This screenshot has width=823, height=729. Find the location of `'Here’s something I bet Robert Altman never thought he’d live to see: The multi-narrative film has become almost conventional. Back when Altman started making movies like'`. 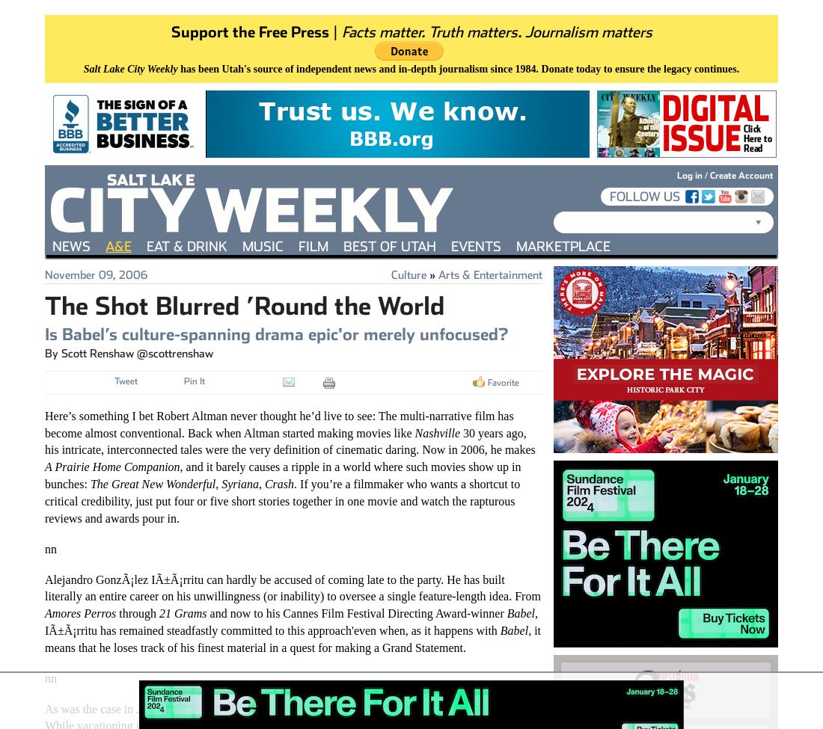

'Here’s something I bet Robert Altman never thought he’d live to see: The multi-narrative film has become almost conventional. Back when Altman started making movies like' is located at coordinates (279, 422).